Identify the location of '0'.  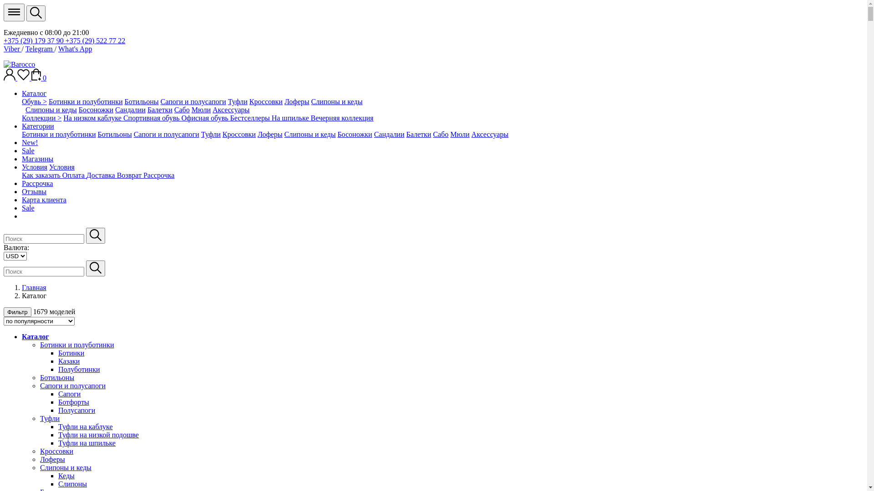
(38, 77).